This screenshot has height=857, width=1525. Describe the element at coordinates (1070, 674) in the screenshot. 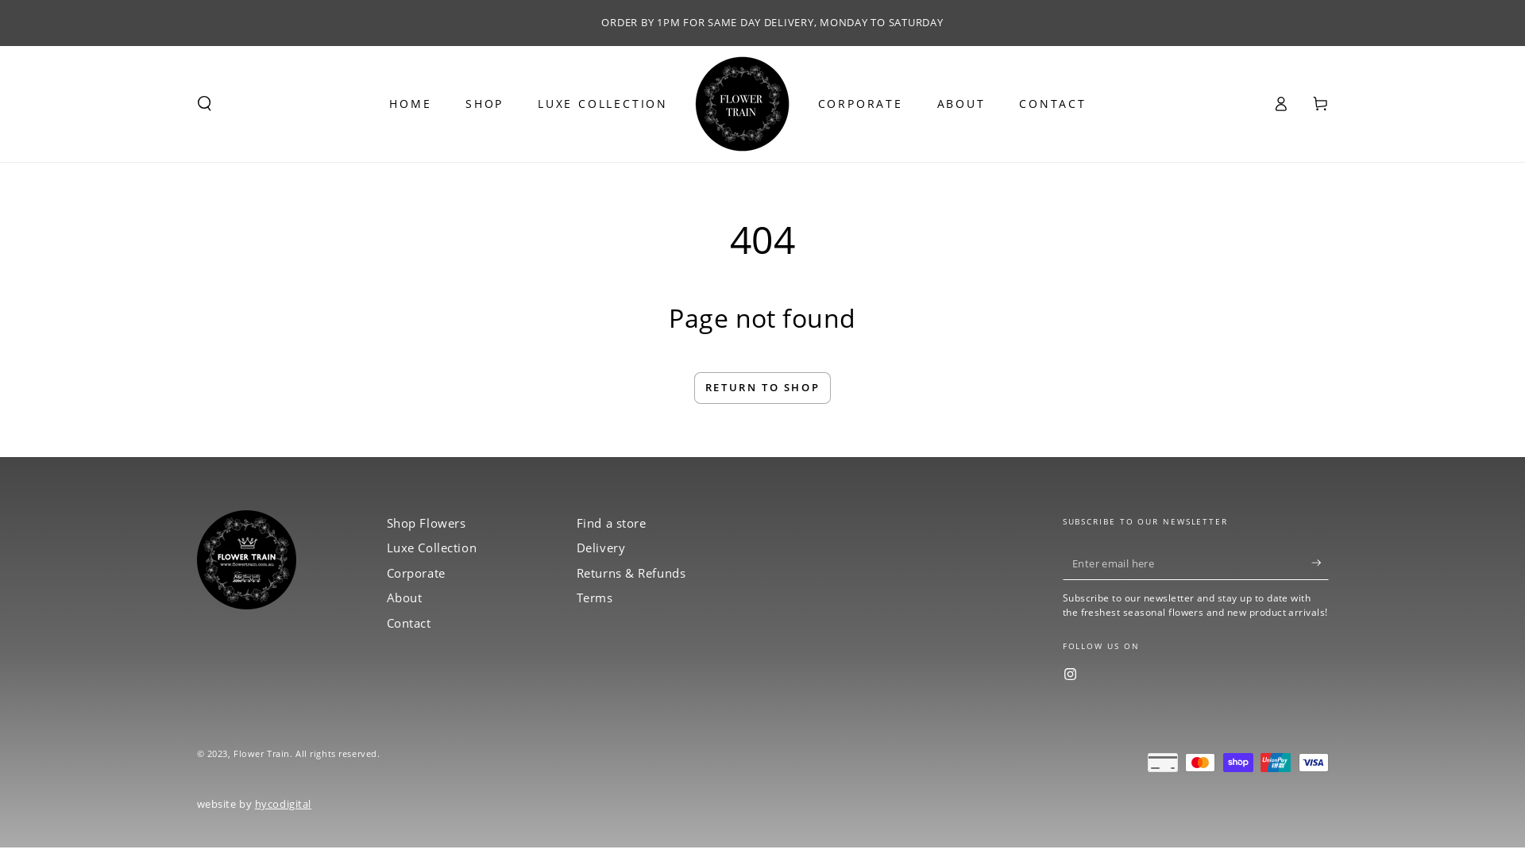

I see `'Instagram'` at that location.